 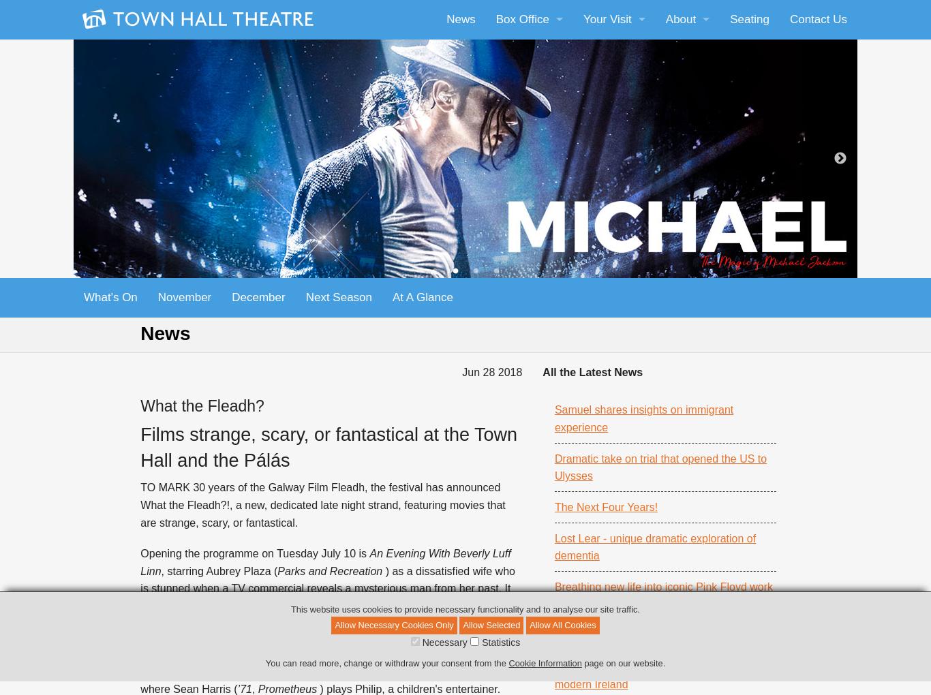 I want to click on 'This website uses cookies to provide necessary functionality and to analyse our site traffic.', so click(x=464, y=608).